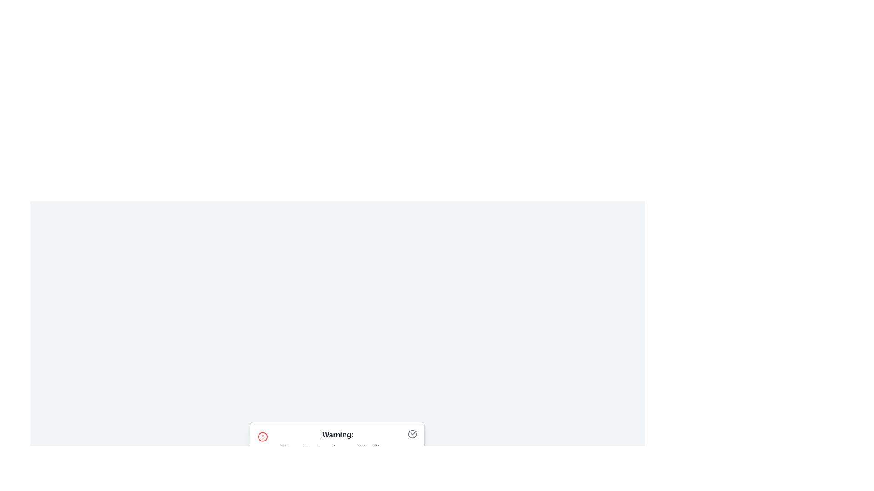 The image size is (874, 491). Describe the element at coordinates (412, 434) in the screenshot. I see `the checkmark icon button located at the top-right corner of the warning modal` at that location.